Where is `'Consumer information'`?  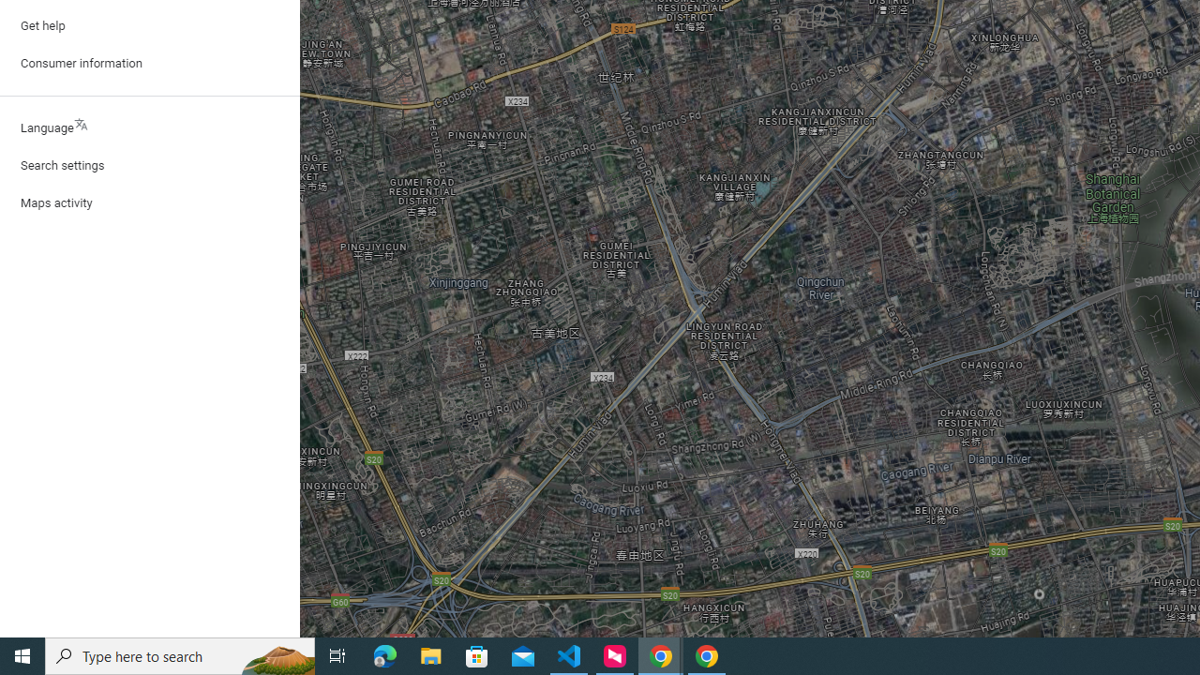 'Consumer information' is located at coordinates (150, 63).